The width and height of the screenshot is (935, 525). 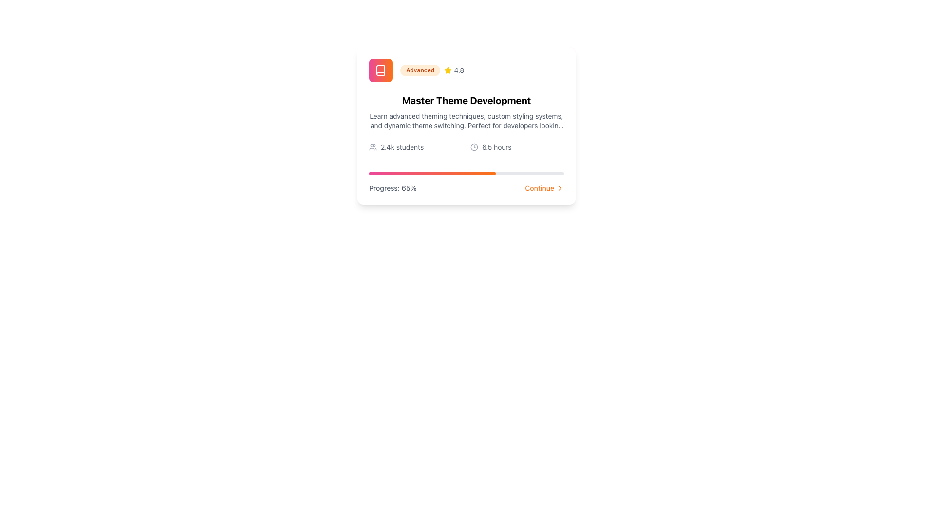 What do you see at coordinates (373, 147) in the screenshot?
I see `the gray SVG icon depicting user silhouettes, which represents a group or community, located to the left of the text label '2.4k students'` at bounding box center [373, 147].